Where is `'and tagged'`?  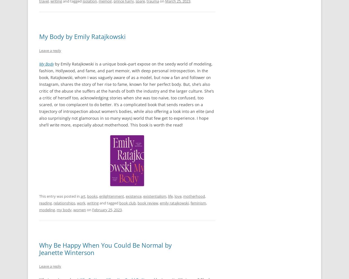
'and tagged' is located at coordinates (98, 202).